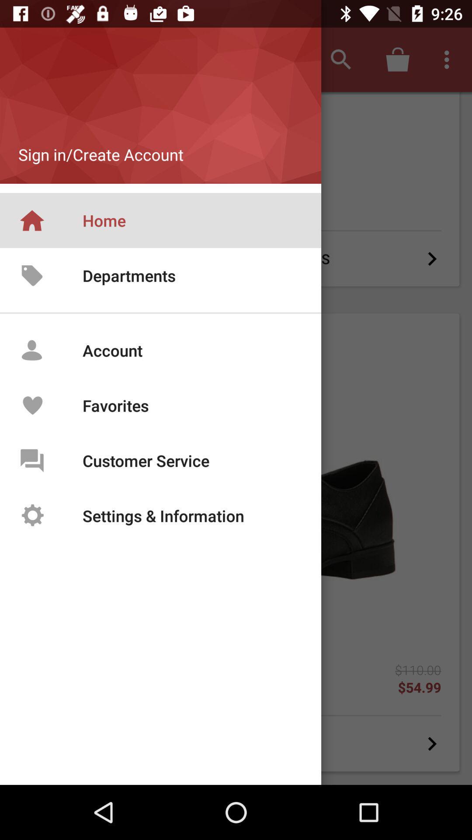  What do you see at coordinates (449, 59) in the screenshot?
I see `the option menu from the right corner of the screen` at bounding box center [449, 59].